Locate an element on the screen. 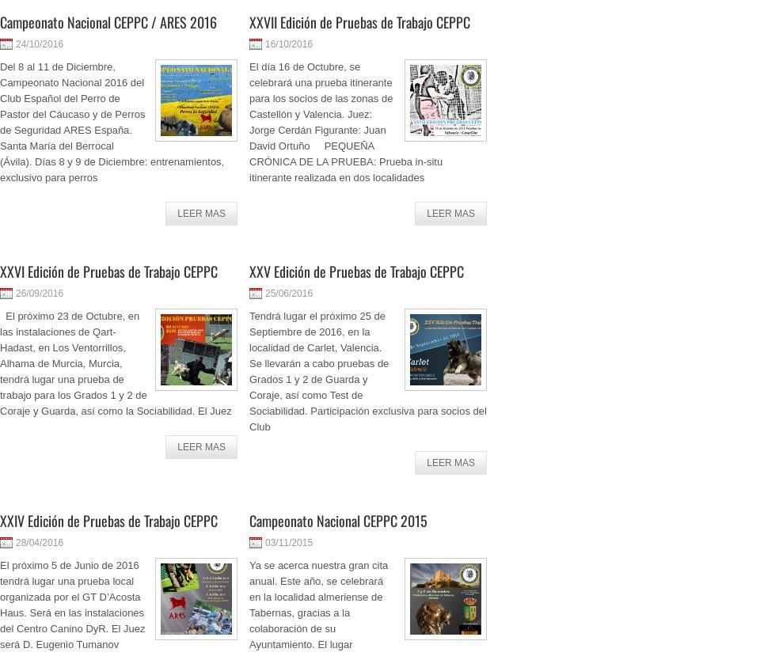  '26/09/2016' is located at coordinates (39, 292).